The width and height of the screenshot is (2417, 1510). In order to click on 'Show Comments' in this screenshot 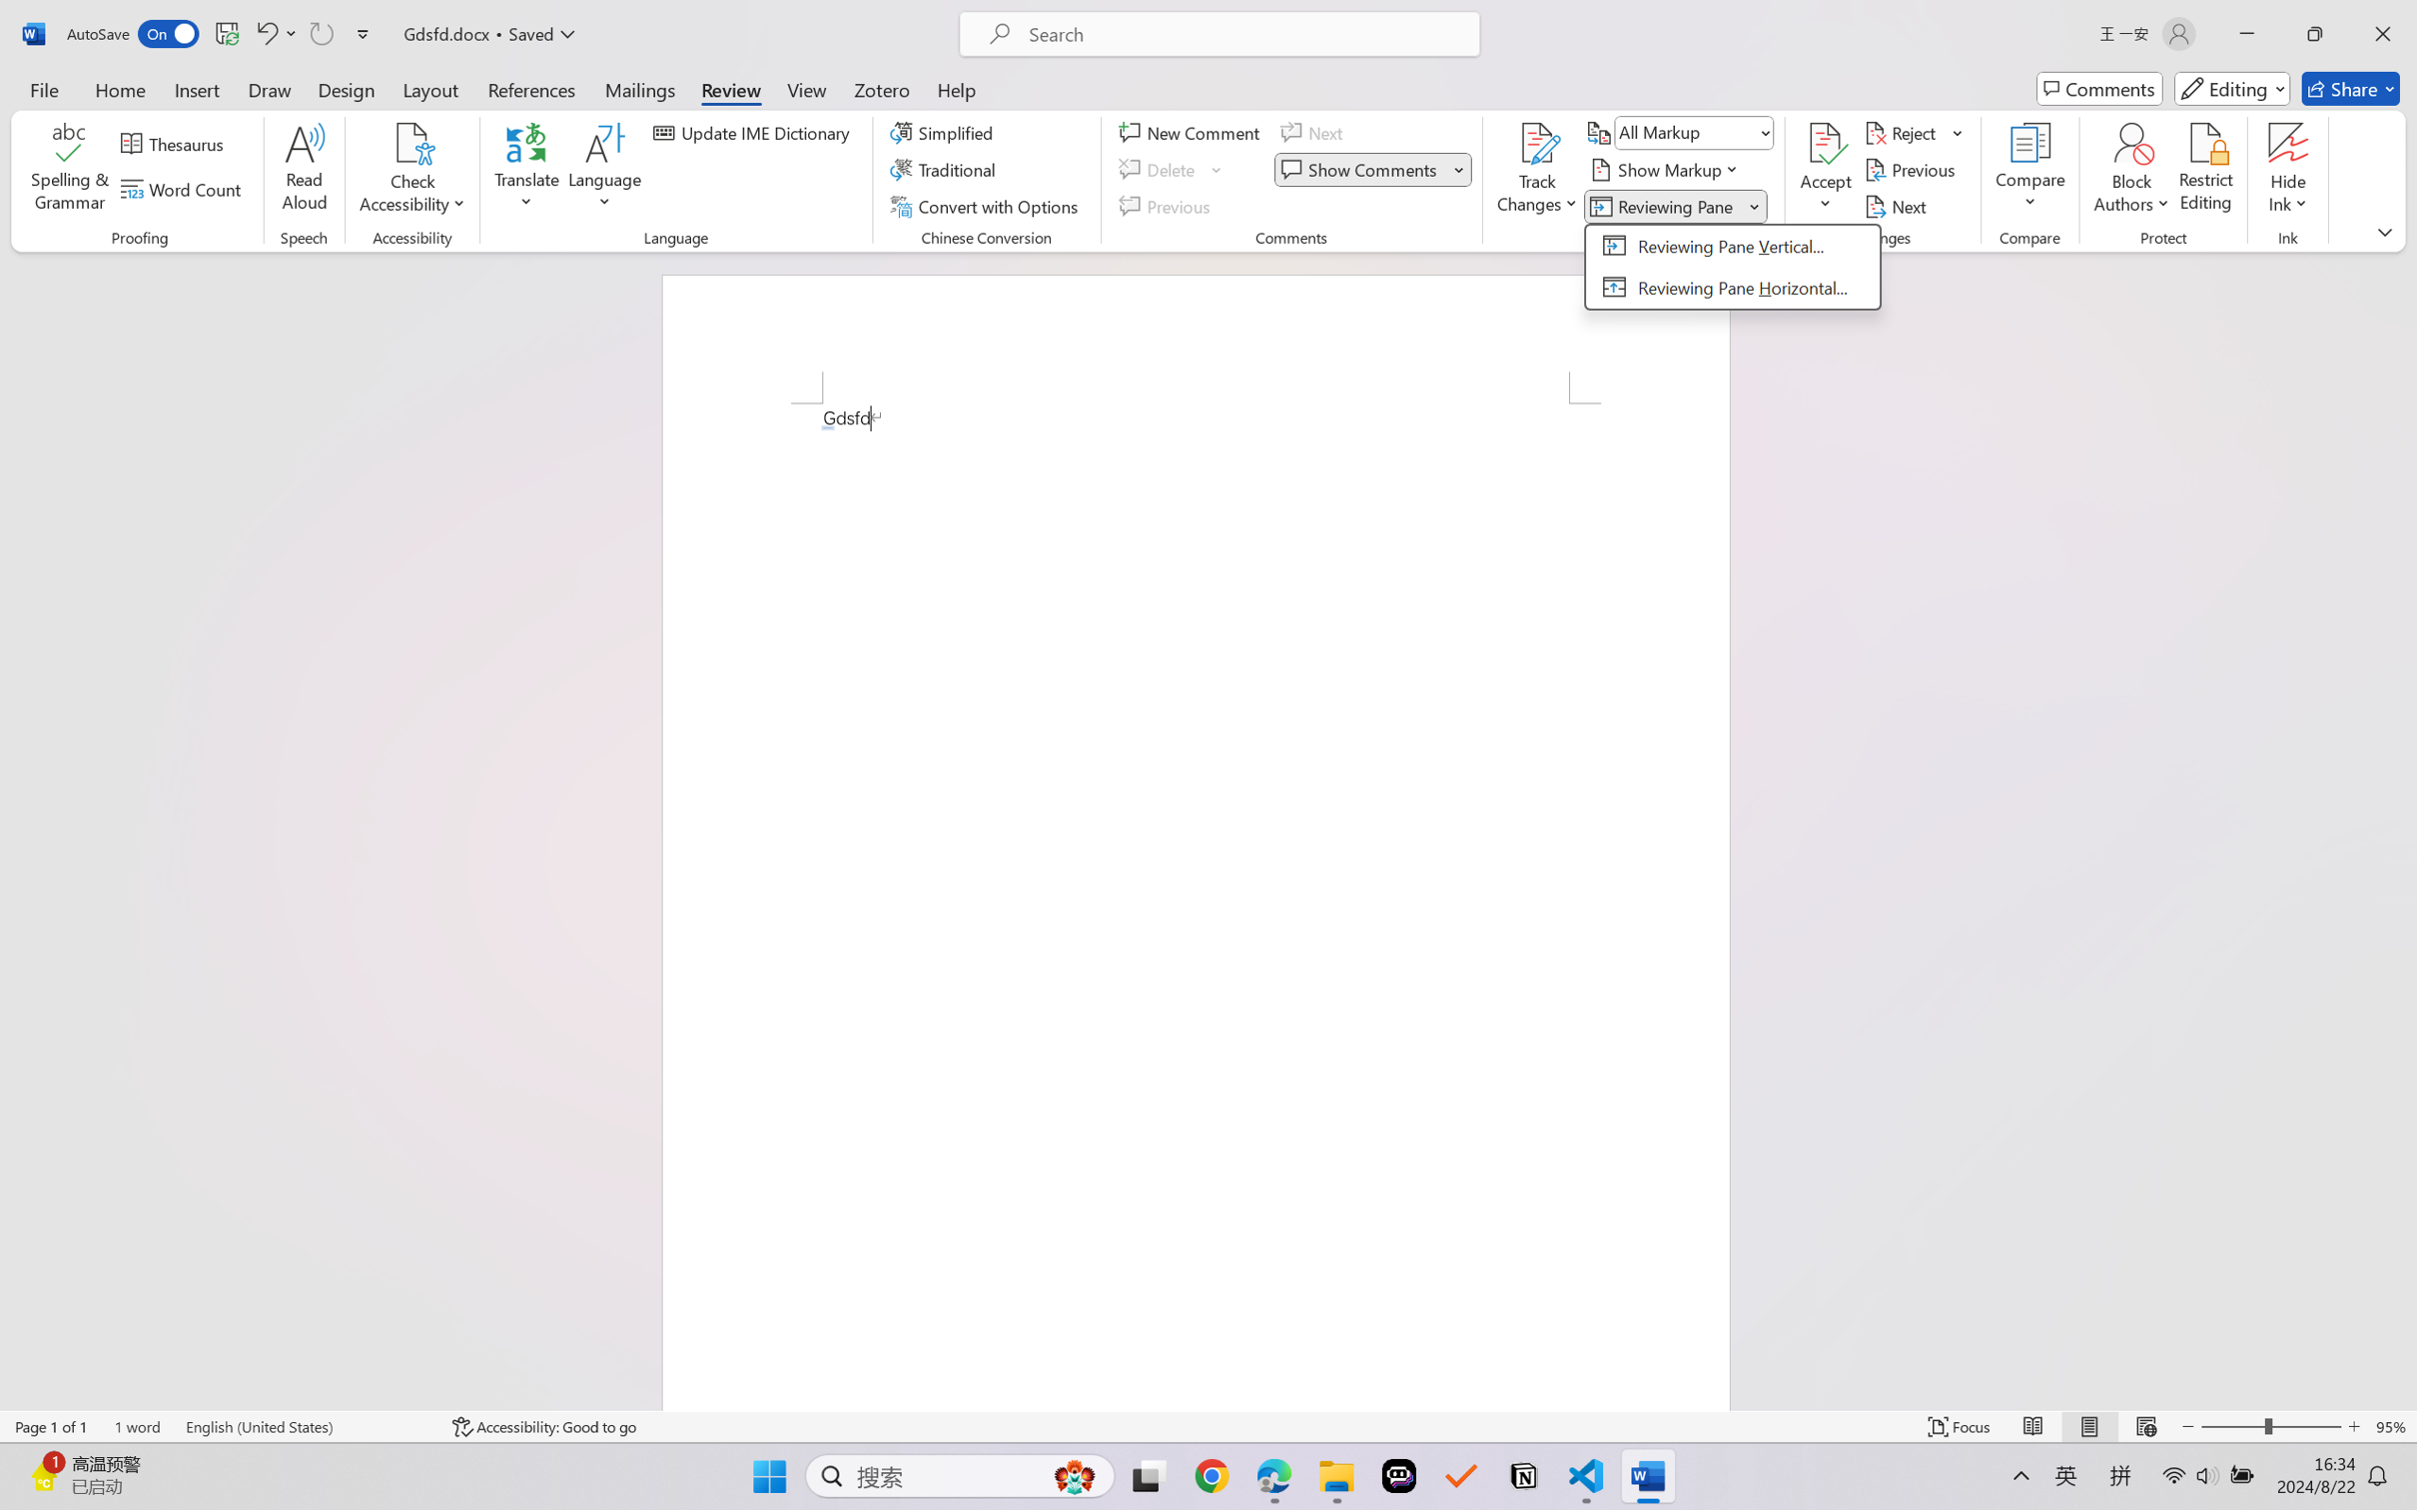, I will do `click(1372, 170)`.